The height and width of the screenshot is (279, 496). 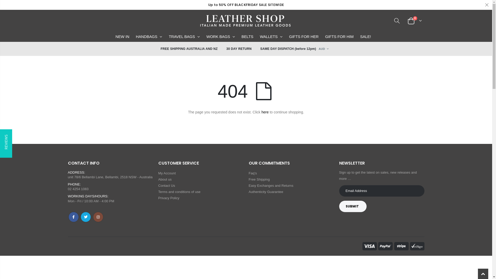 I want to click on 'Authenticity Guarantee', so click(x=248, y=192).